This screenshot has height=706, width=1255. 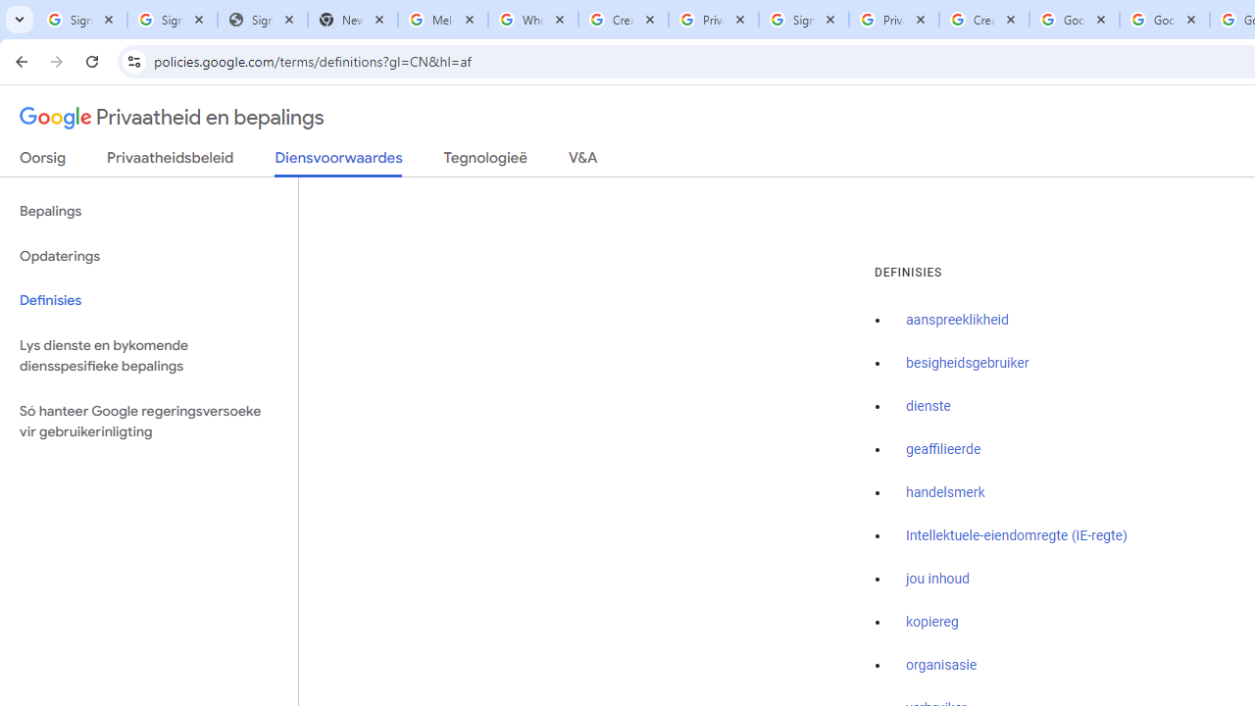 What do you see at coordinates (928, 406) in the screenshot?
I see `'dienste'` at bounding box center [928, 406].